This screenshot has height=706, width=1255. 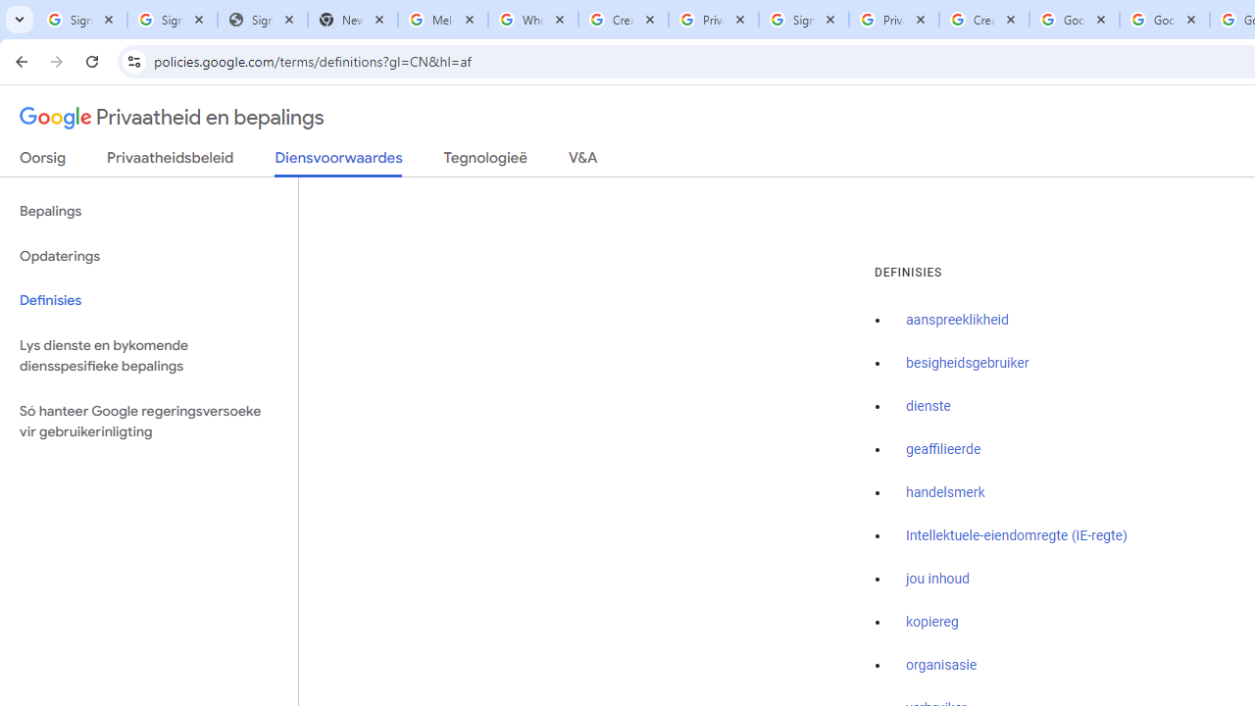 What do you see at coordinates (928, 406) in the screenshot?
I see `'dienste'` at bounding box center [928, 406].